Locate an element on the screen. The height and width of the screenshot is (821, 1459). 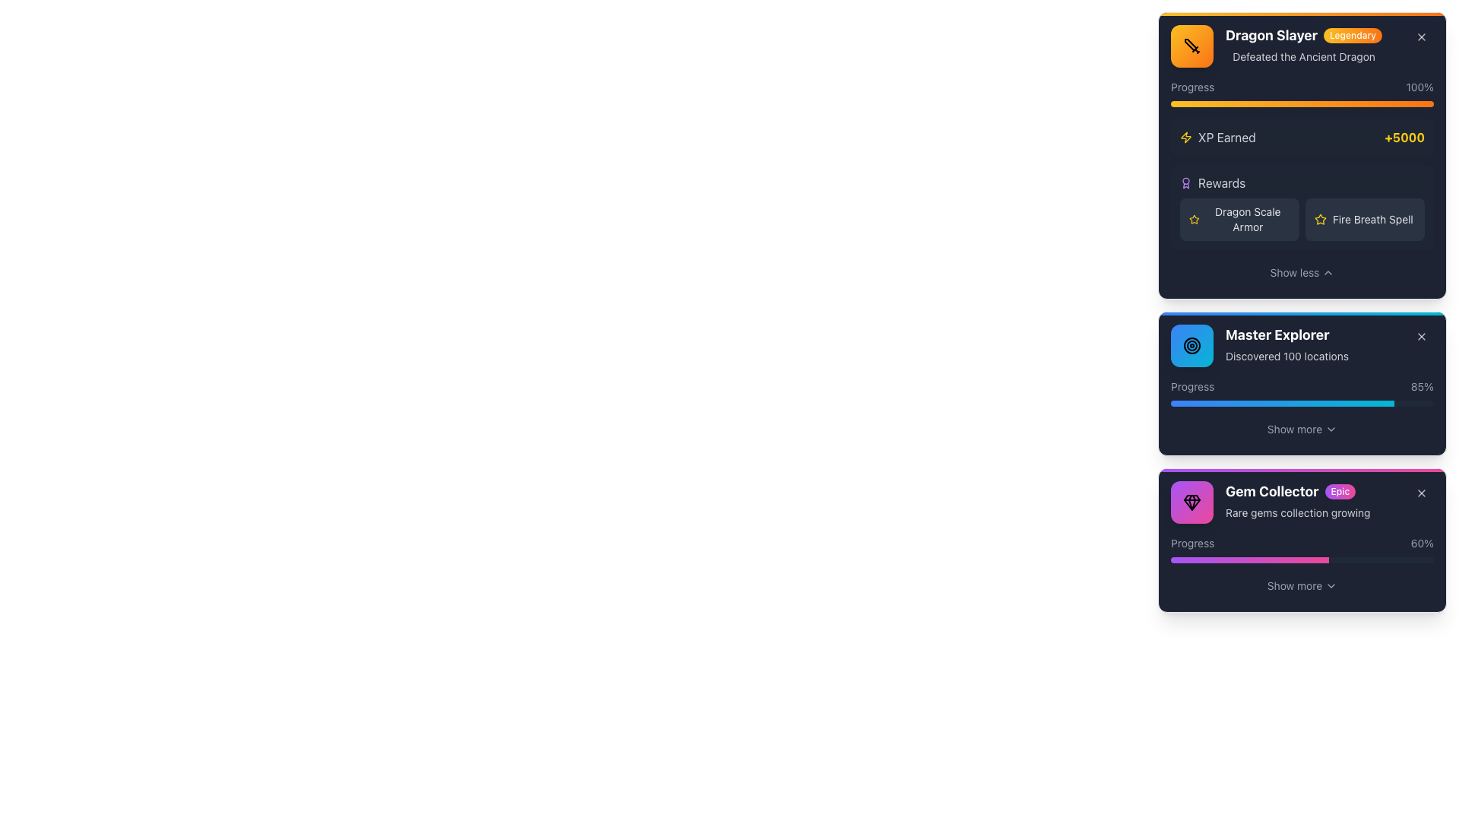
the target graphic icon, represented by a target symbol, located within a rounded square button with a blue-to-cyan gradient background in the 'Master Explorer' section is located at coordinates (1192, 346).